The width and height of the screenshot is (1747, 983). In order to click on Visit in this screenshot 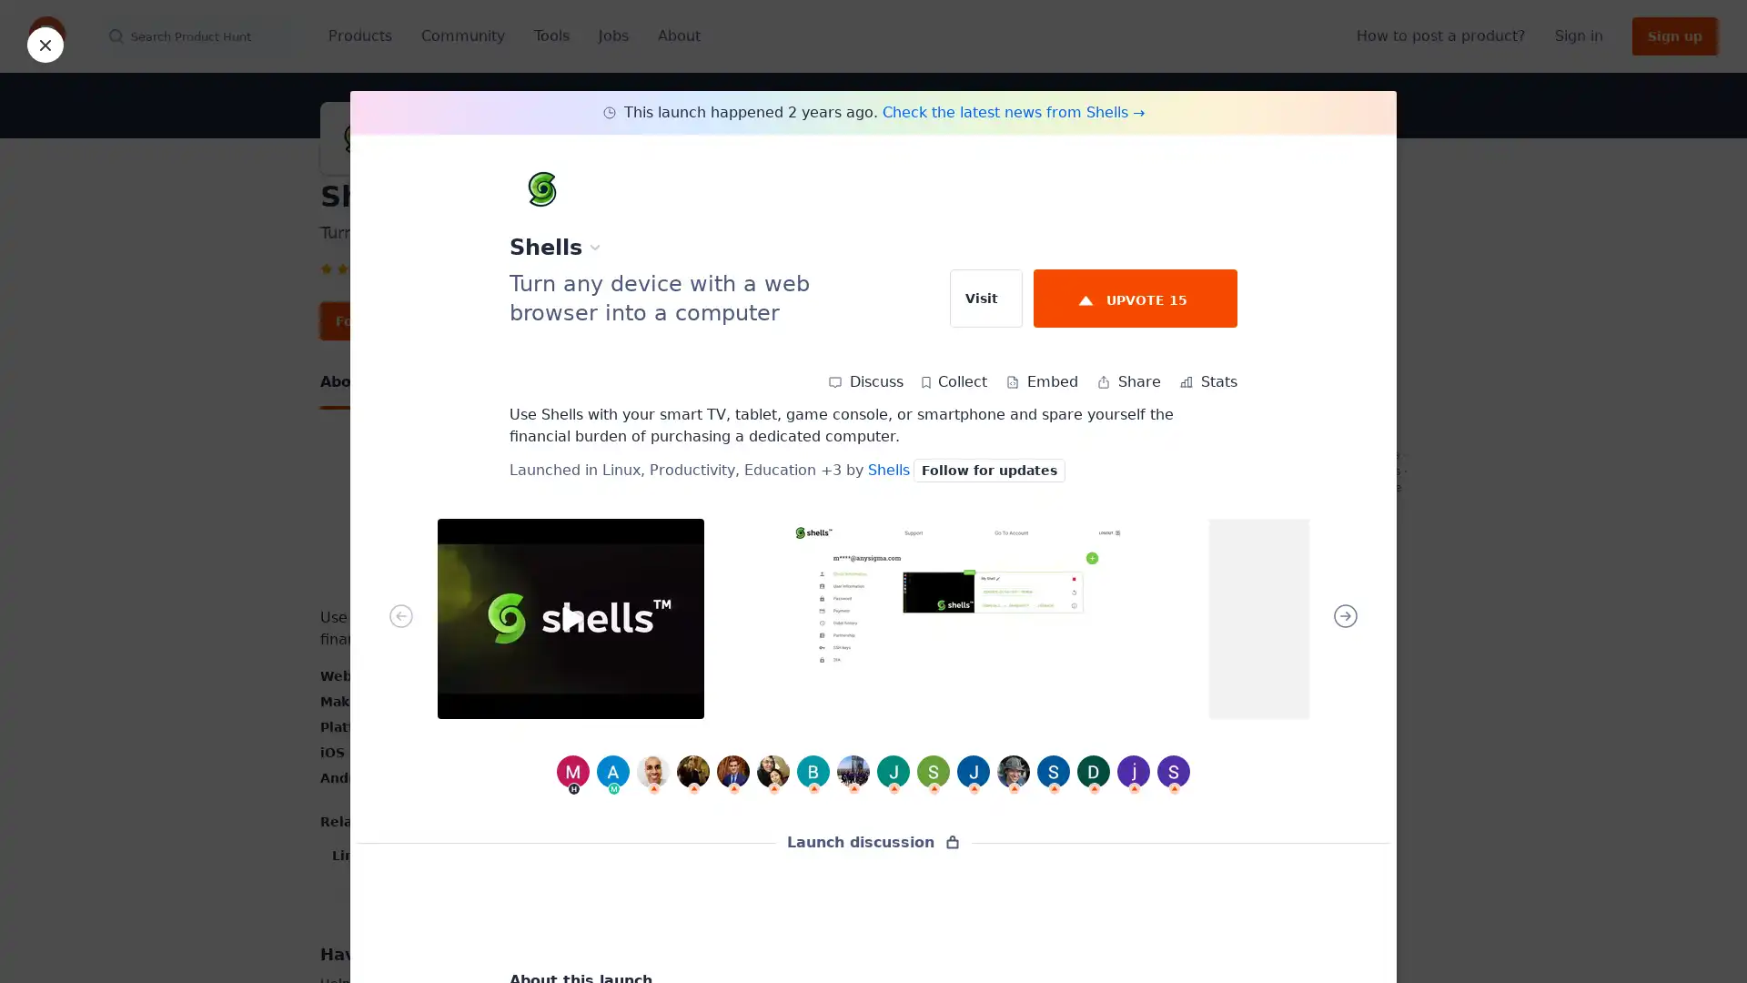, I will do `click(985, 297)`.